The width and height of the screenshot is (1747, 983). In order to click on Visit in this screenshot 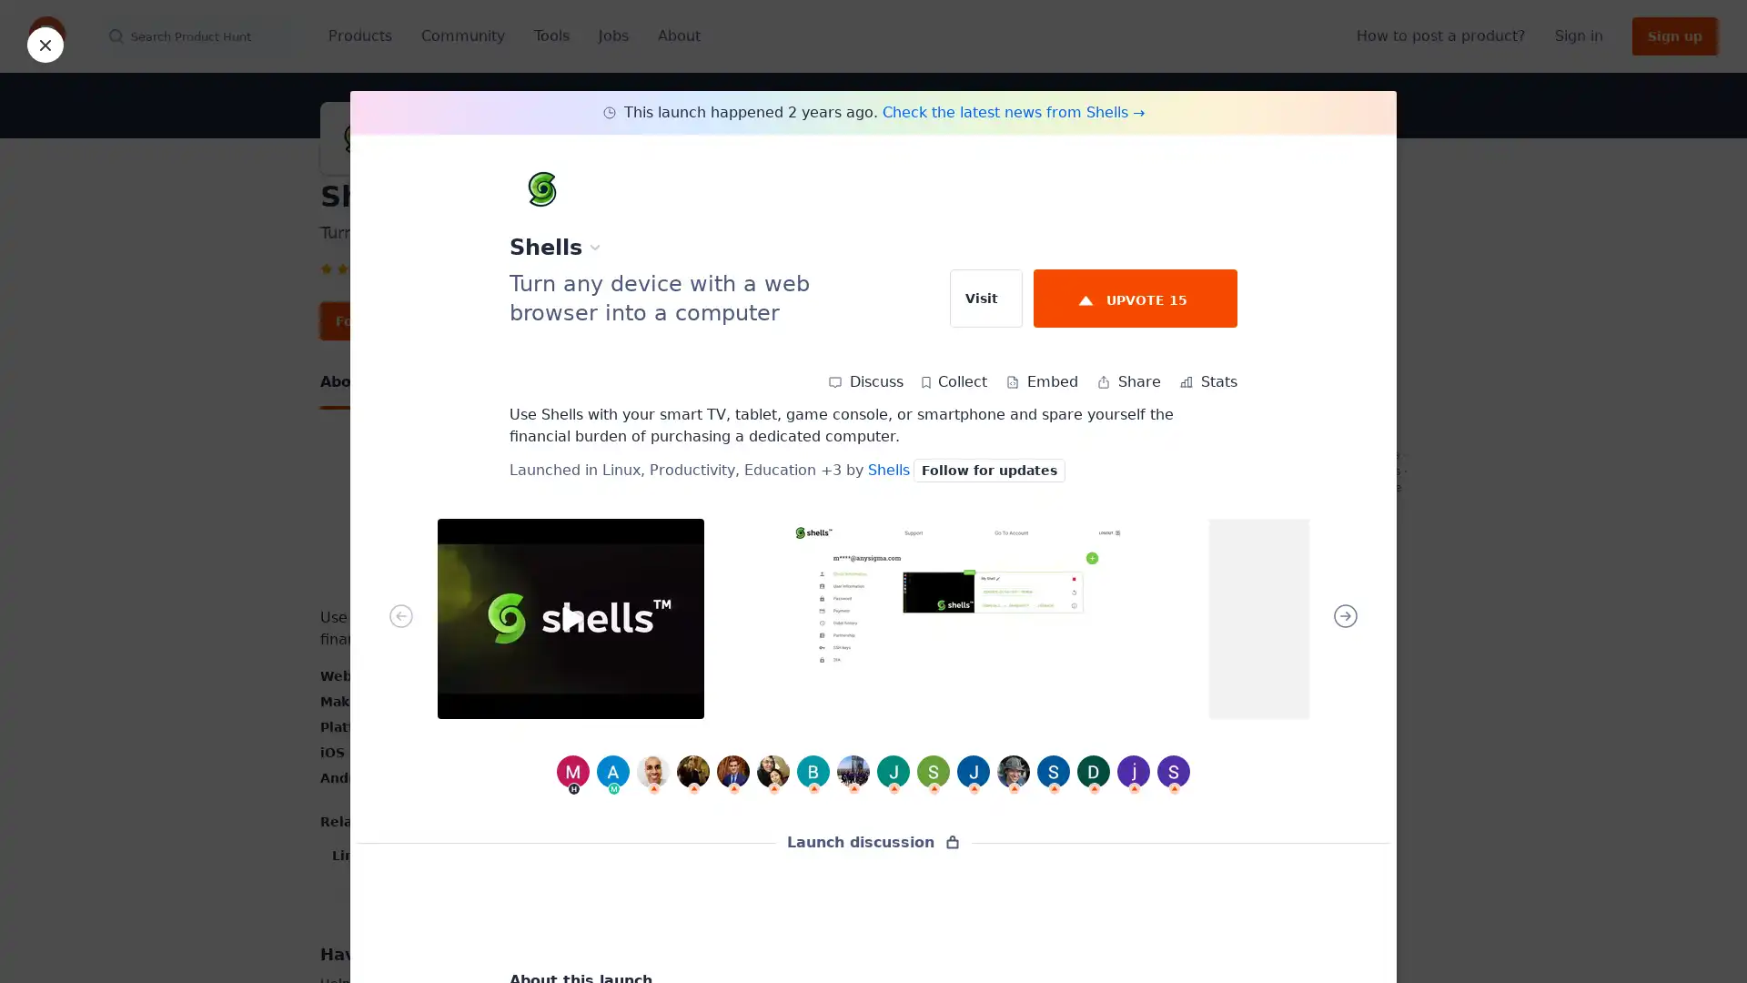, I will do `click(985, 297)`.